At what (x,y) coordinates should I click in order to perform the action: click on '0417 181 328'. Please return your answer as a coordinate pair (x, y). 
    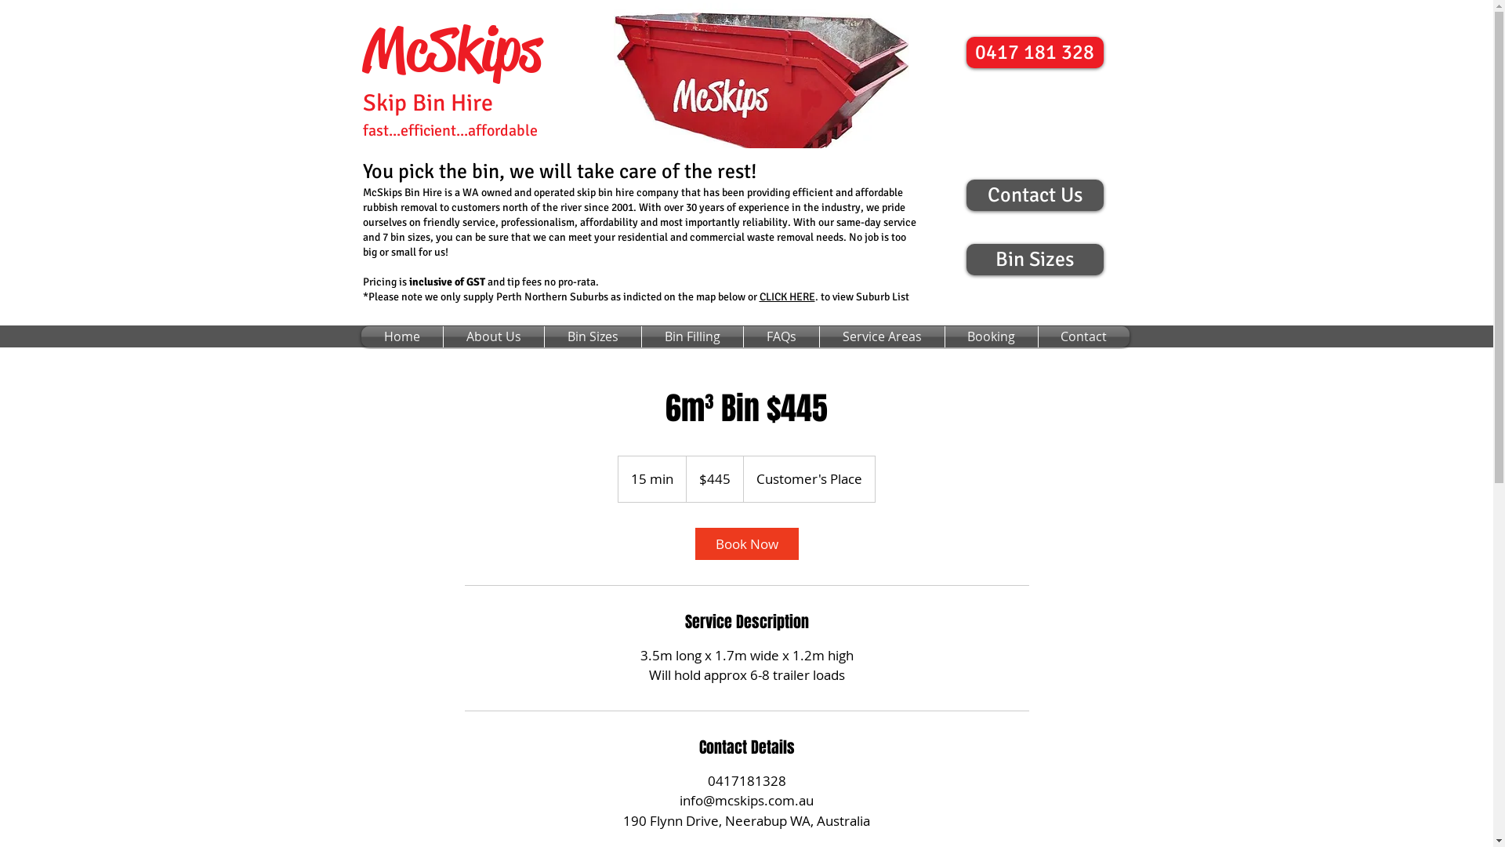
    Looking at the image, I should click on (1034, 51).